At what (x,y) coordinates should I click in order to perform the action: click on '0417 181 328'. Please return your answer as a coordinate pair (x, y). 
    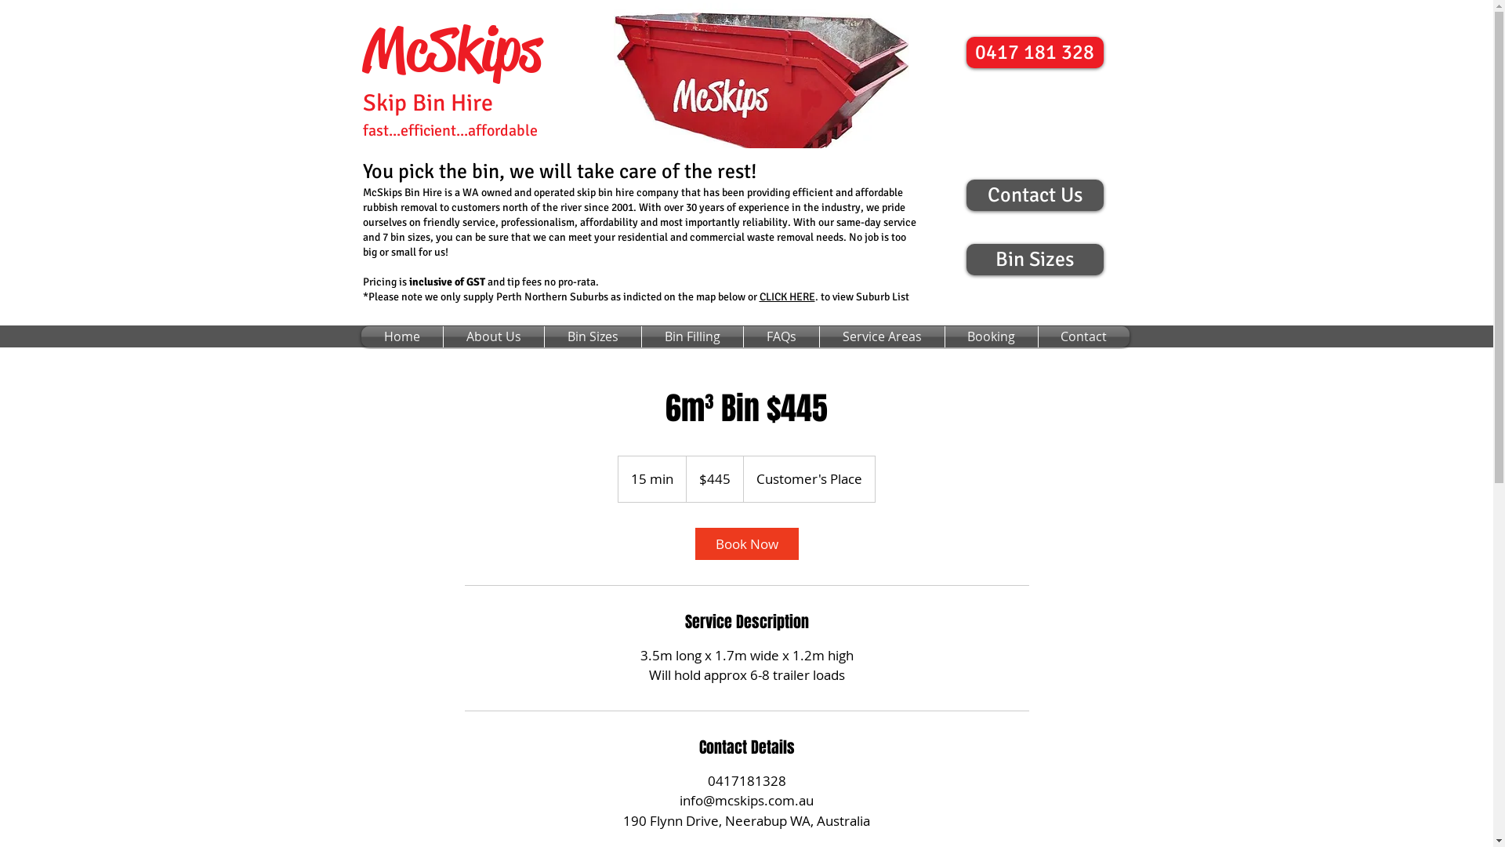
    Looking at the image, I should click on (1034, 51).